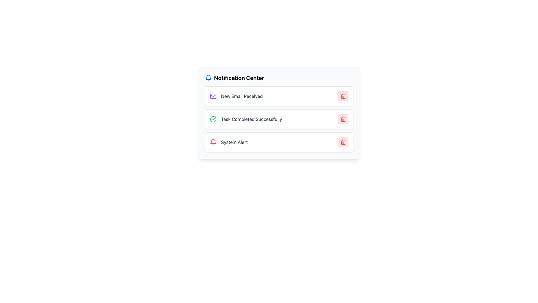 The image size is (538, 303). I want to click on the purple email notification icon located in the 'New Email Received' row of the Notification Center panel, so click(213, 96).